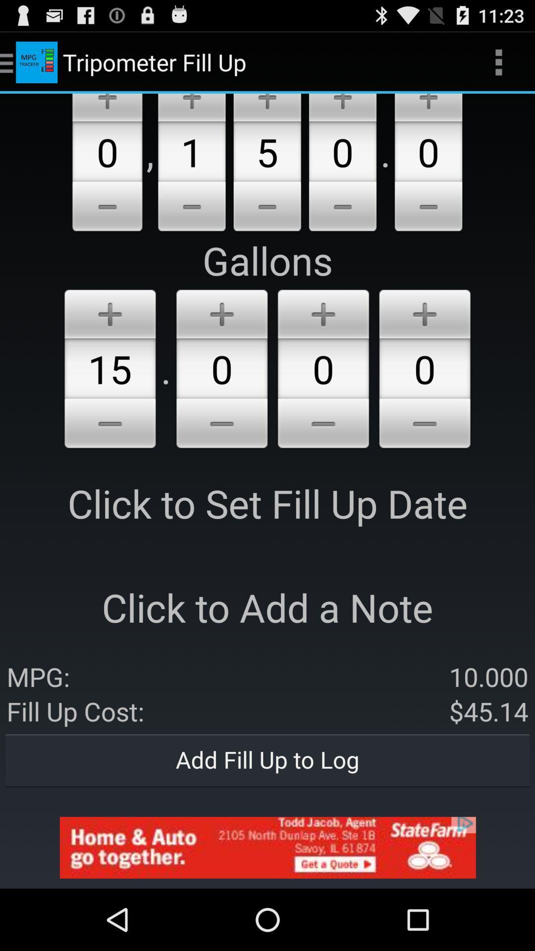 This screenshot has height=951, width=535. I want to click on add, so click(267, 107).